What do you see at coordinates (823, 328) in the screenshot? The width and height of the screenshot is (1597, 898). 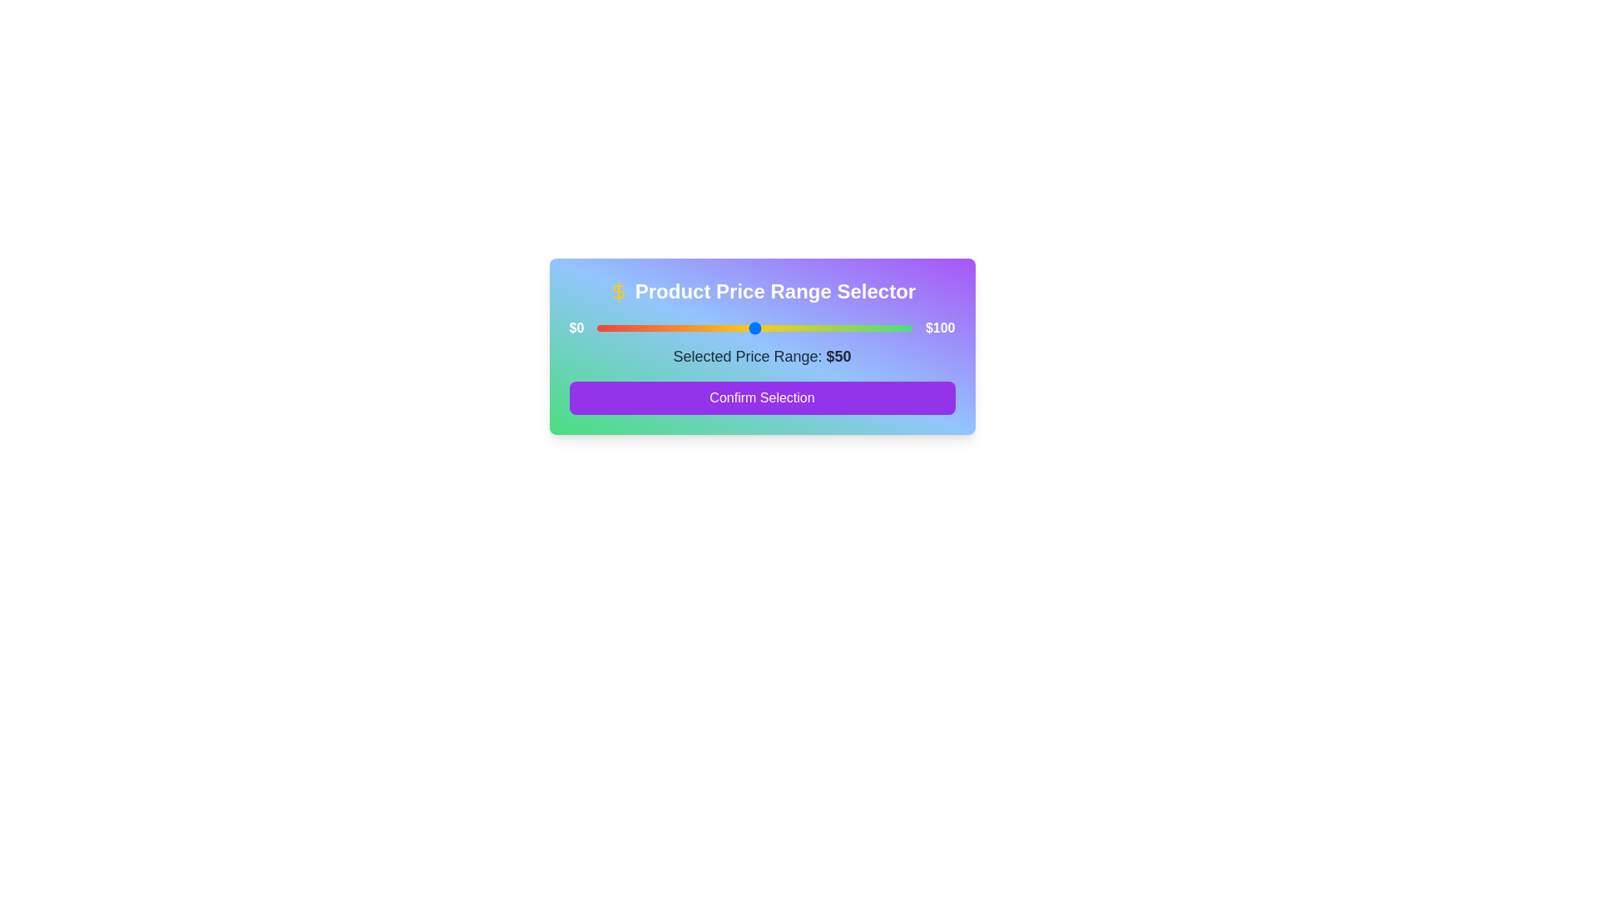 I see `the price range slider to set the value to 72` at bounding box center [823, 328].